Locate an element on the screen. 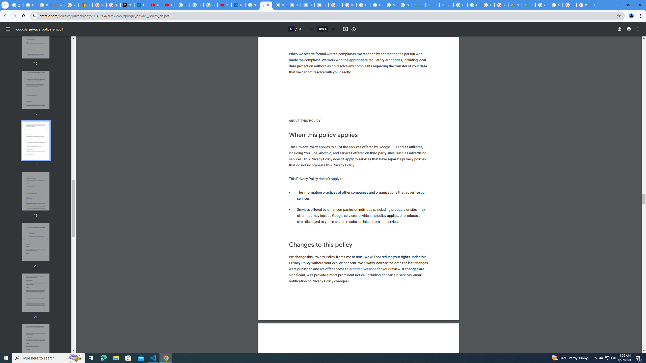  'Fit to page' is located at coordinates (345, 29).